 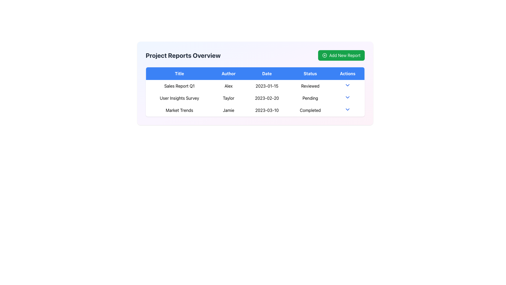 I want to click on the Text Display that shows the date for the 'User Insights Survey' in the 'Date' column of the Project Reports Overview table, so click(x=267, y=98).